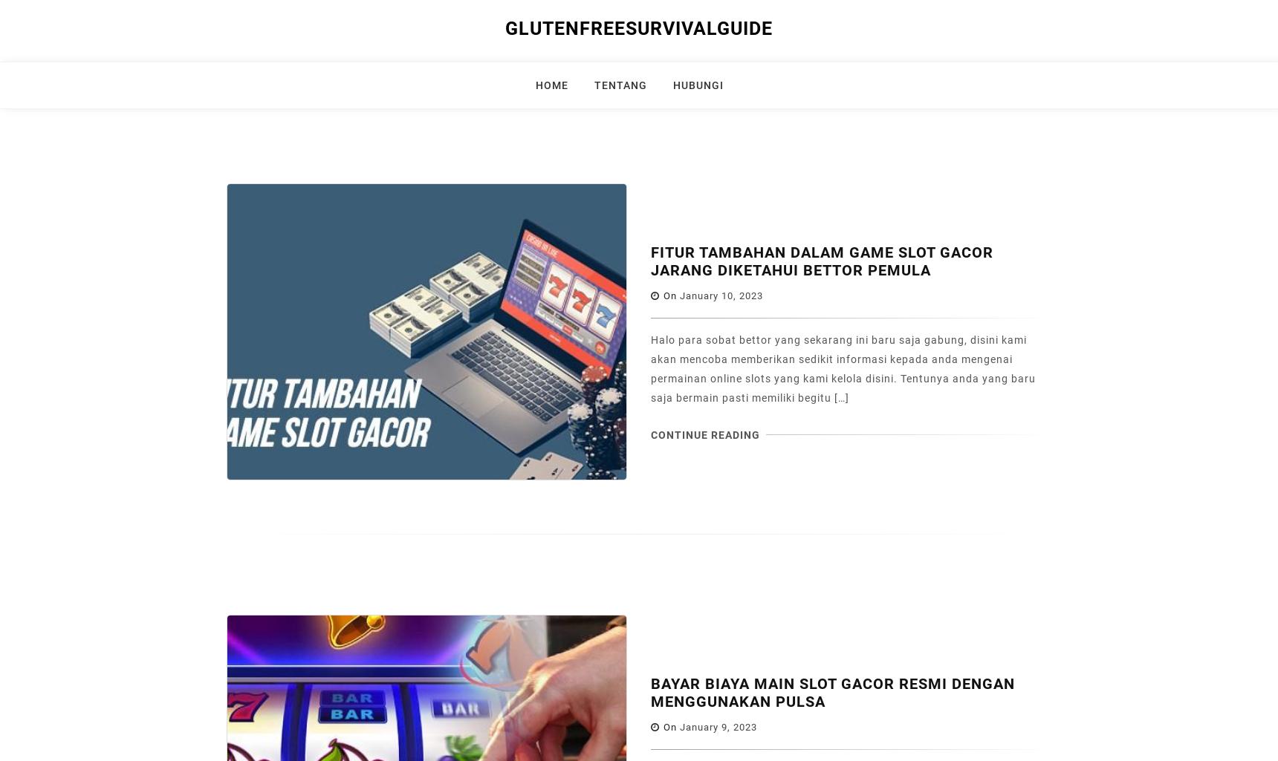 The height and width of the screenshot is (761, 1278). What do you see at coordinates (705, 434) in the screenshot?
I see `'Continue Reading'` at bounding box center [705, 434].